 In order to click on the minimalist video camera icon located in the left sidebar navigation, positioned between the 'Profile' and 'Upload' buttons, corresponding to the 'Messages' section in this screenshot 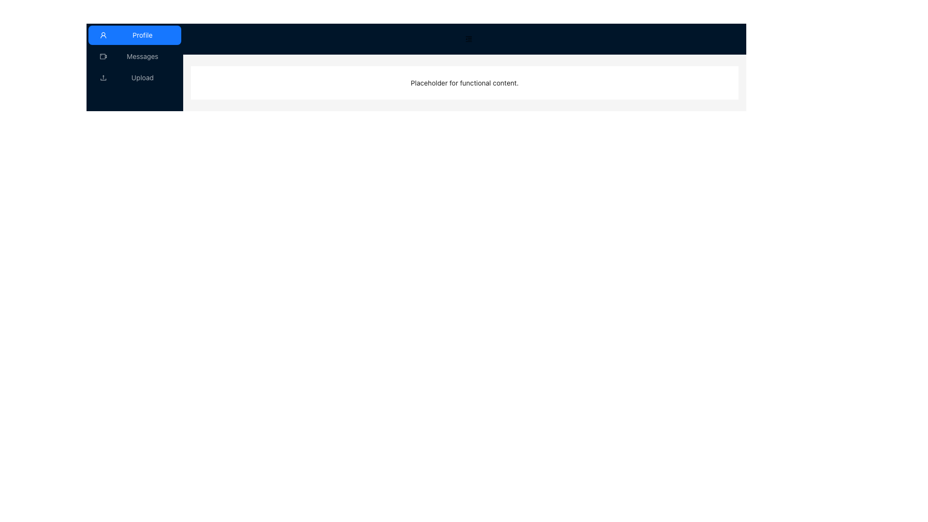, I will do `click(103, 56)`.